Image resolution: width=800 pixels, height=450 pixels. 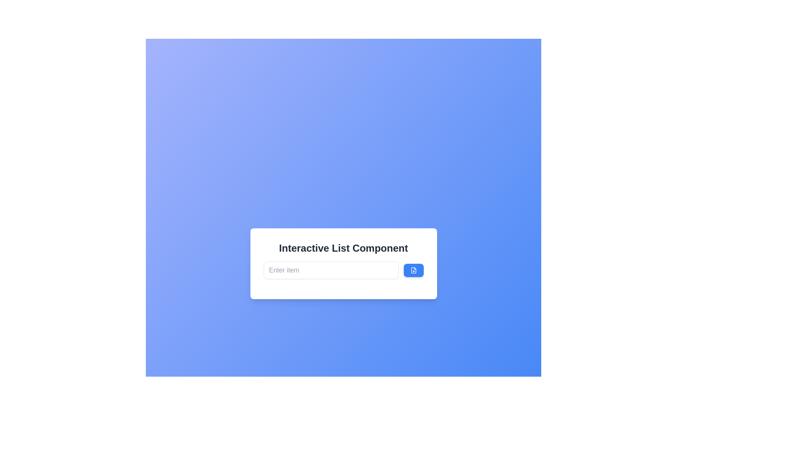 What do you see at coordinates (413, 270) in the screenshot?
I see `the blue button with an icon located at the bottom right corner of the interactive form to initiate the creation or addition action` at bounding box center [413, 270].